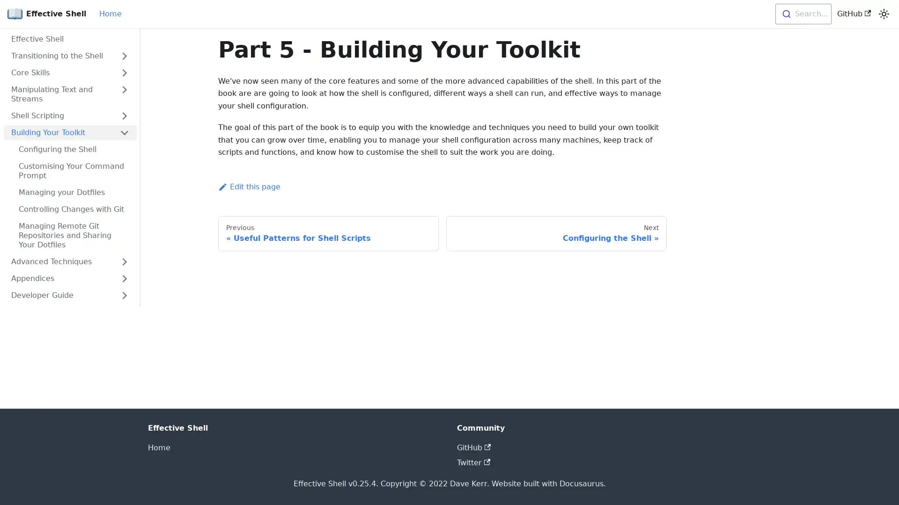  I want to click on Toggle the collapsible sidebar category 'Transitioning to the Shell', so click(124, 56).